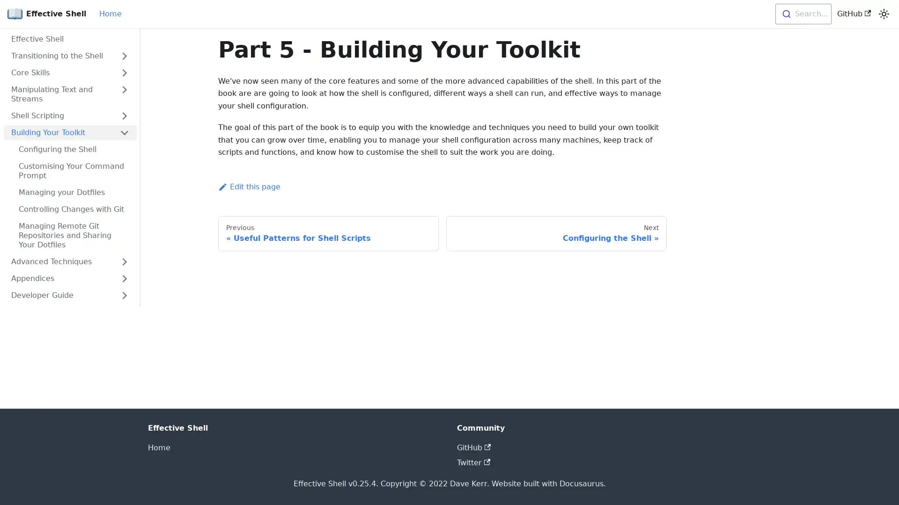  I want to click on Toggle the collapsible sidebar category 'Transitioning to the Shell', so click(124, 56).